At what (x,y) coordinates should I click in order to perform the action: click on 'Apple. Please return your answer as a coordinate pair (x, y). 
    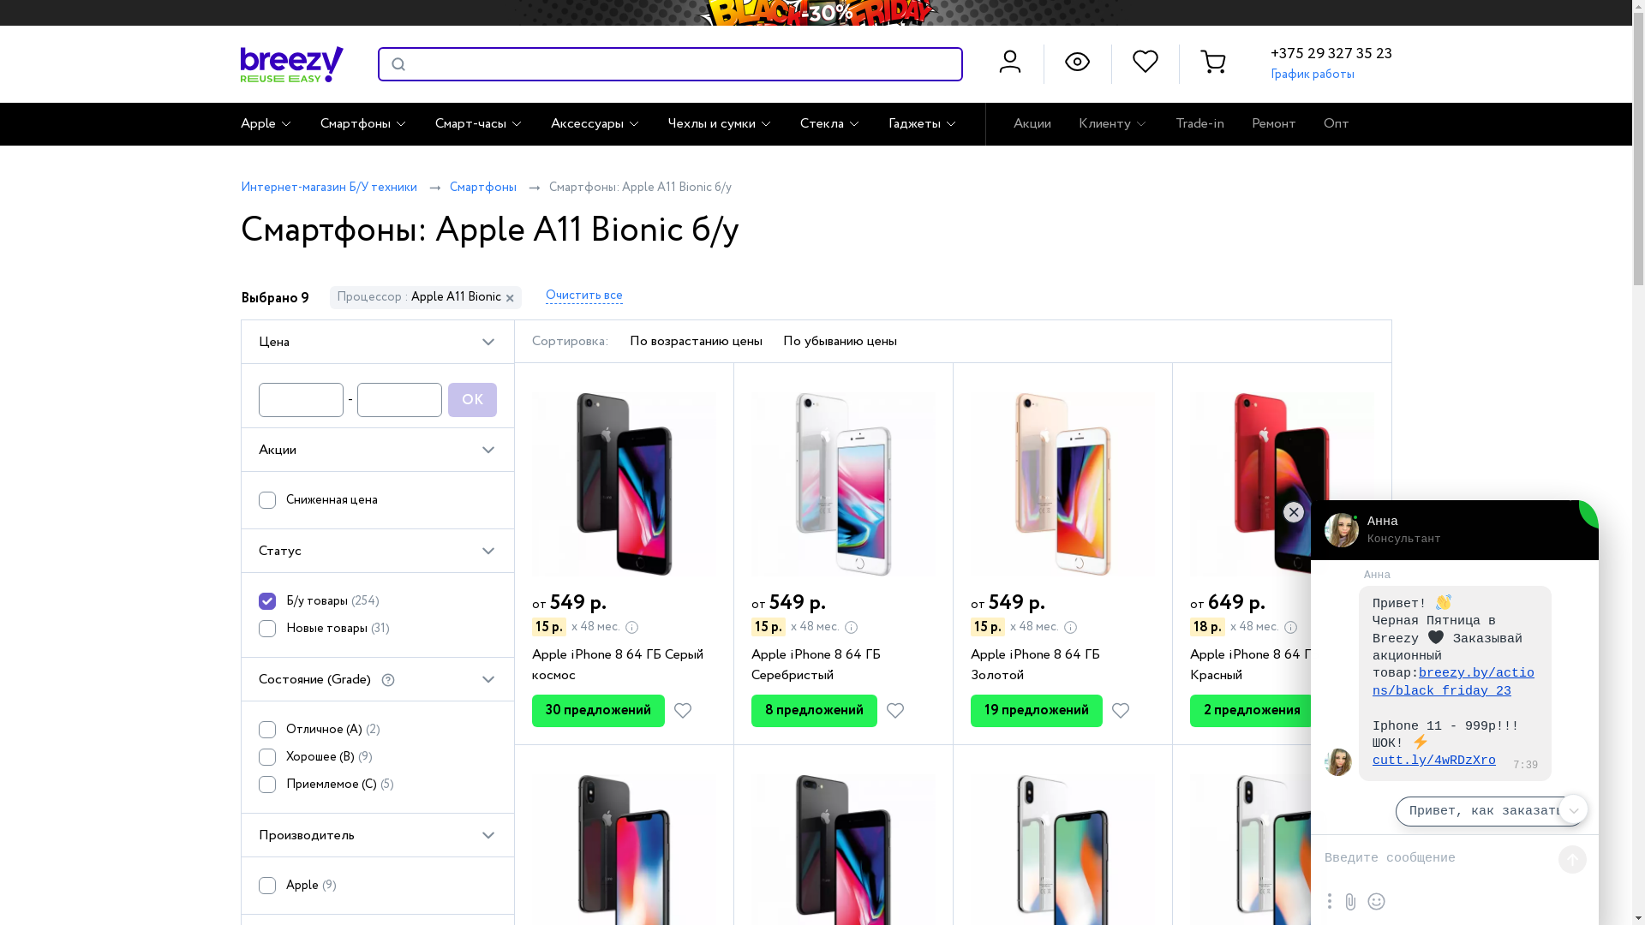
    Looking at the image, I should click on (258, 888).